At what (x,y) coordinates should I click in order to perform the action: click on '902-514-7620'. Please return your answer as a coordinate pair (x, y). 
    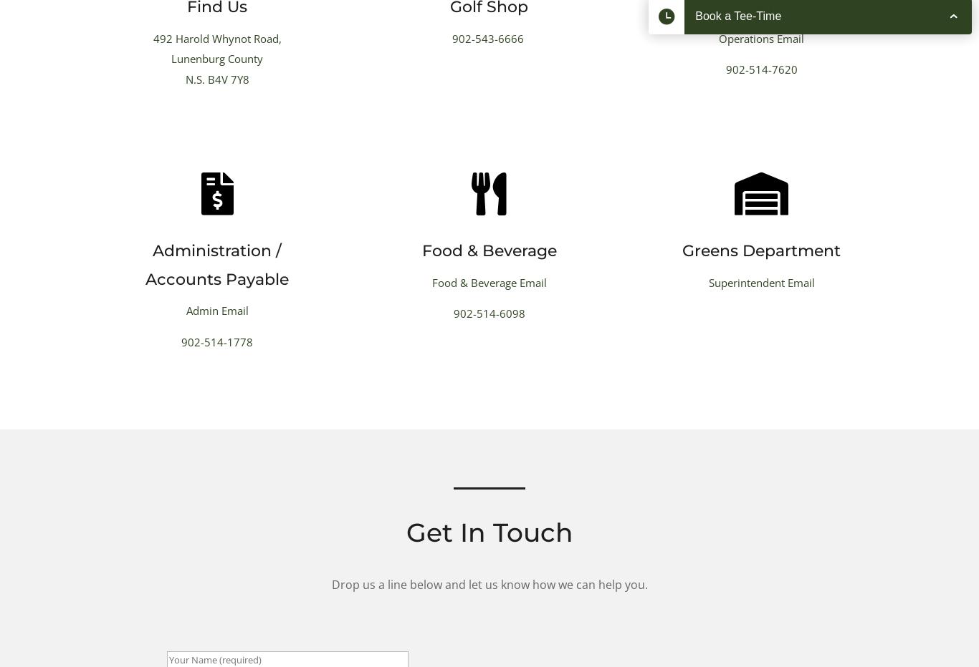
    Looking at the image, I should click on (760, 69).